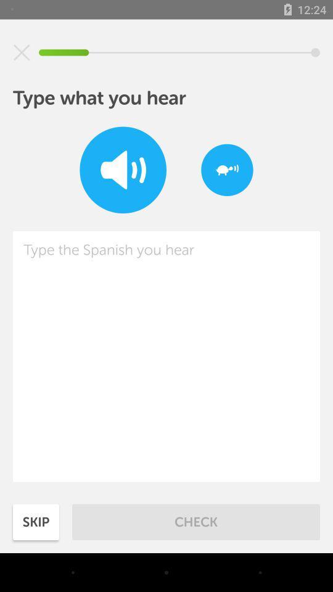 The width and height of the screenshot is (333, 592). What do you see at coordinates (226, 169) in the screenshot?
I see `slow talking button` at bounding box center [226, 169].